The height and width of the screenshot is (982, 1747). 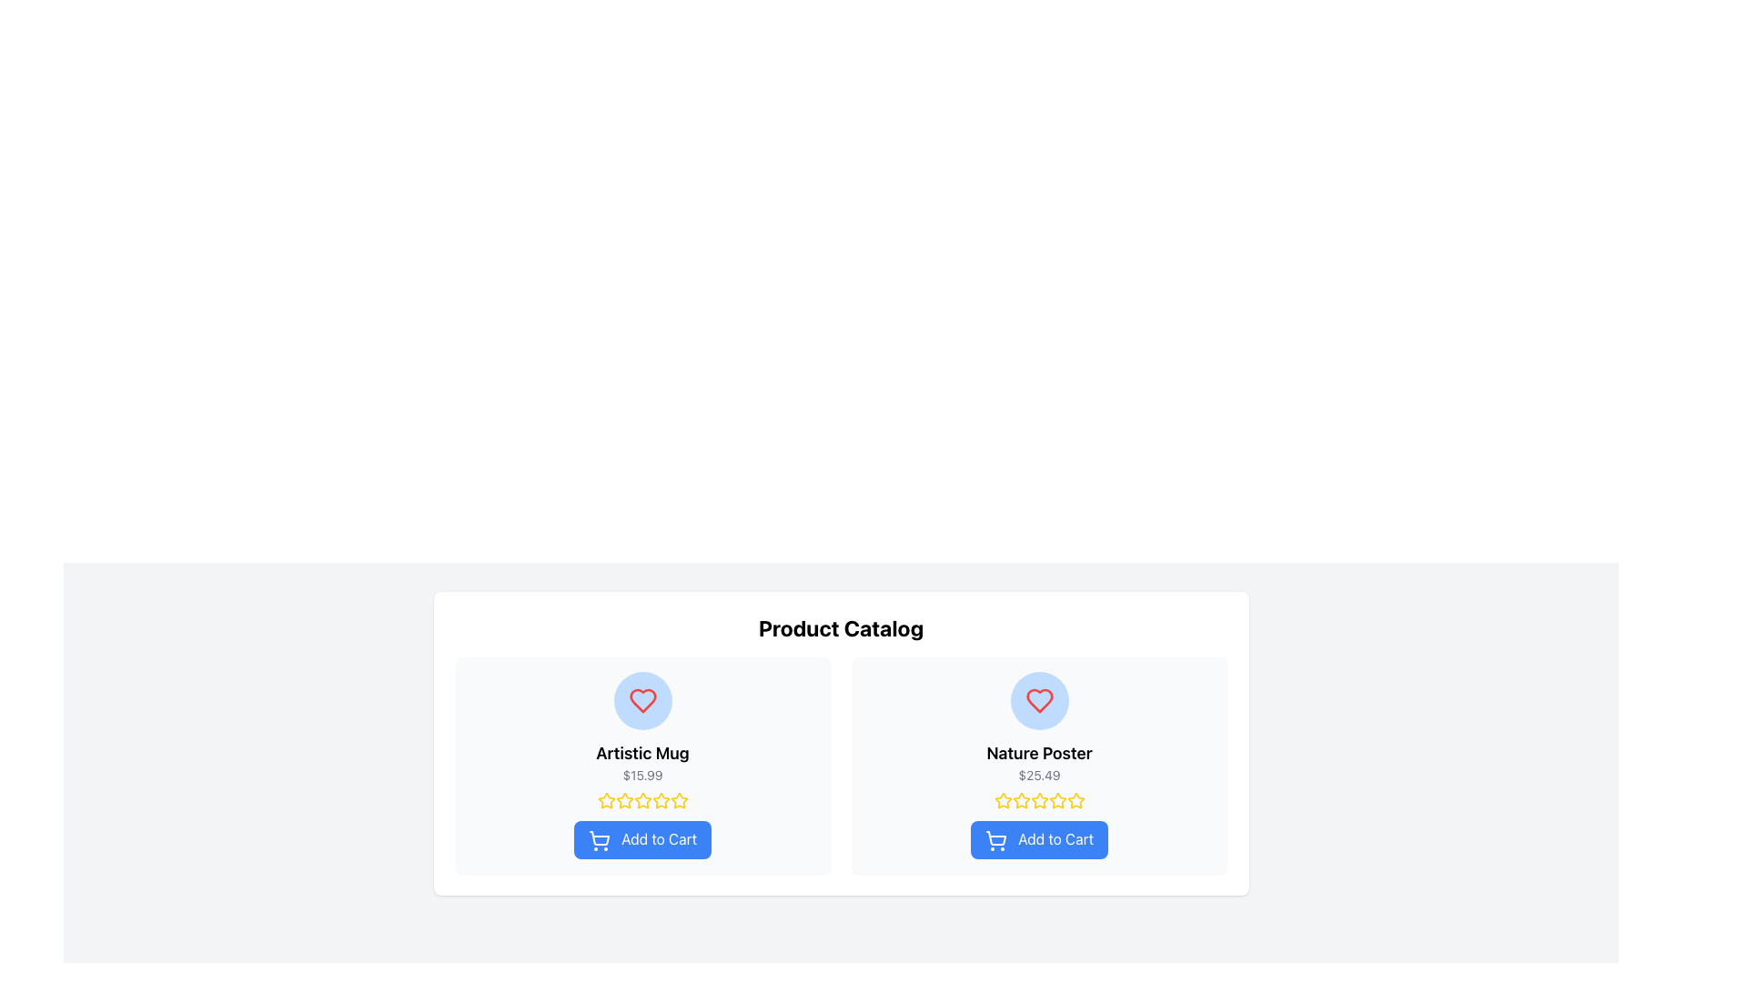 I want to click on the heart-shaped icon in the left product card to mark the 'Artistic Mug' as a favorite, so click(x=642, y=700).